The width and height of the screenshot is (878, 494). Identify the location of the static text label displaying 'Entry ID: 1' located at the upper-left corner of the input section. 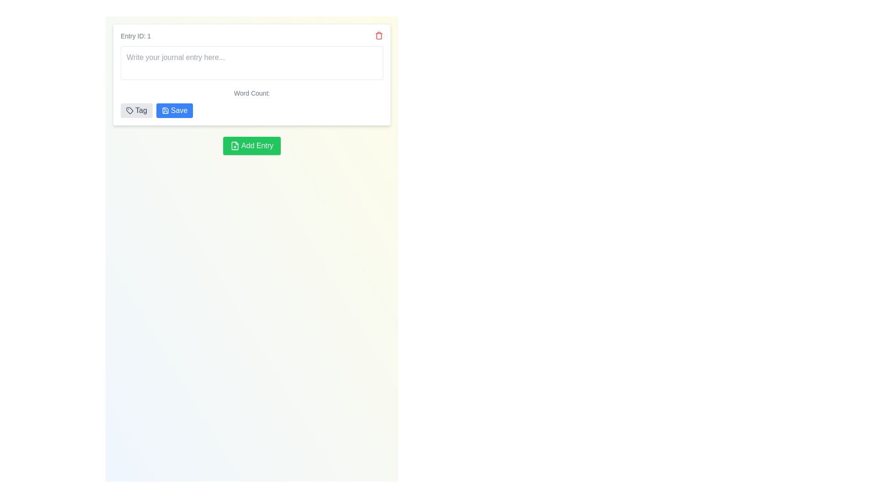
(135, 35).